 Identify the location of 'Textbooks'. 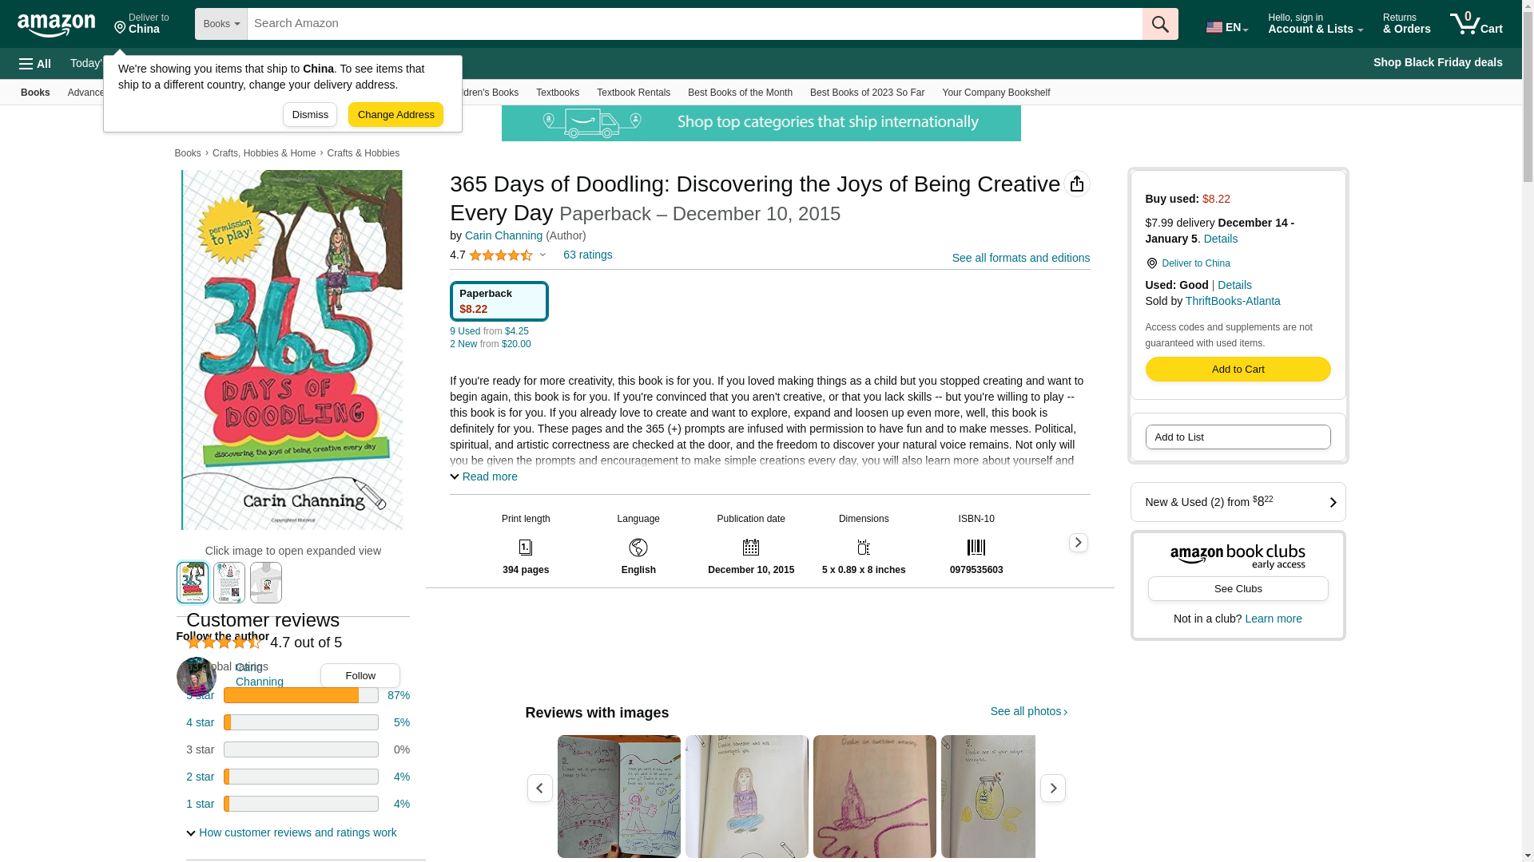
(527, 92).